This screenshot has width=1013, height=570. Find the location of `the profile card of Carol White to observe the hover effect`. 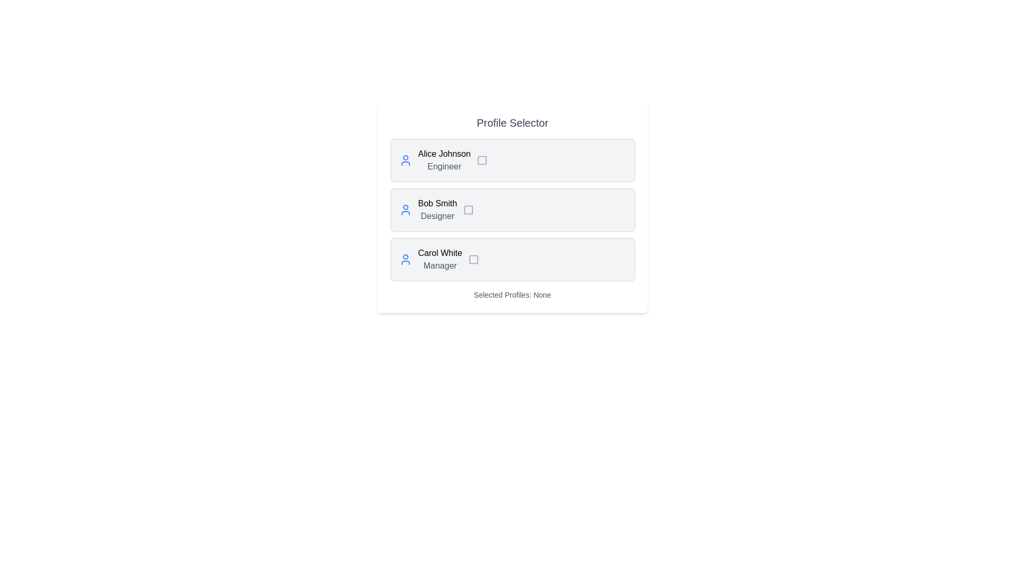

the profile card of Carol White to observe the hover effect is located at coordinates (512, 260).